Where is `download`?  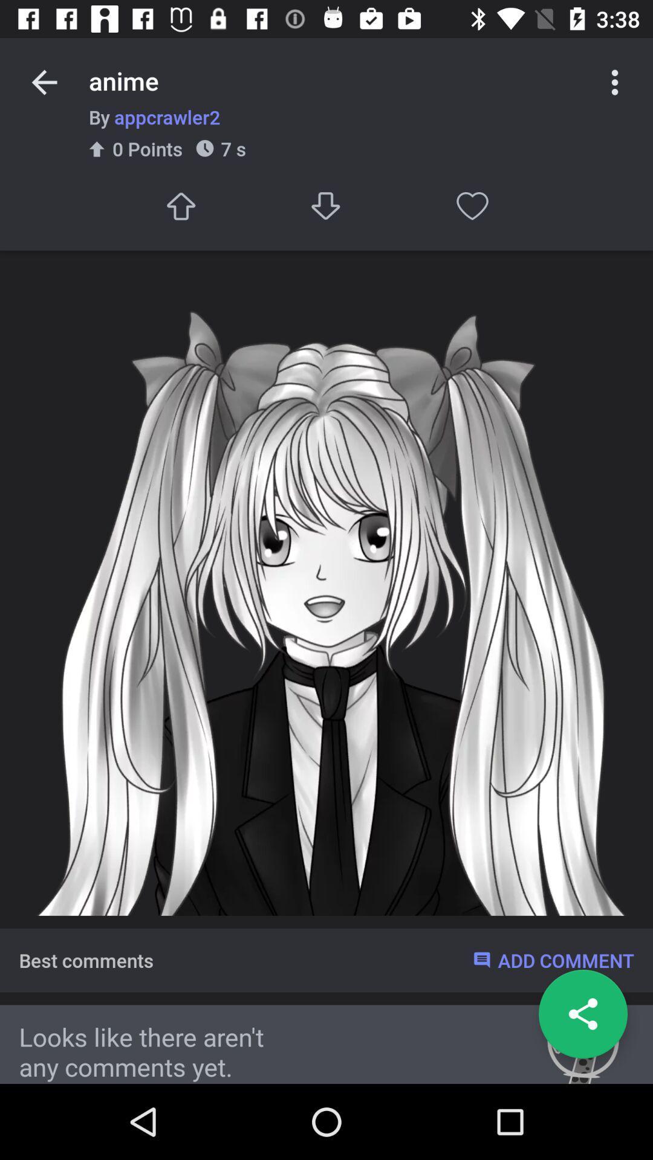 download is located at coordinates (326, 206).